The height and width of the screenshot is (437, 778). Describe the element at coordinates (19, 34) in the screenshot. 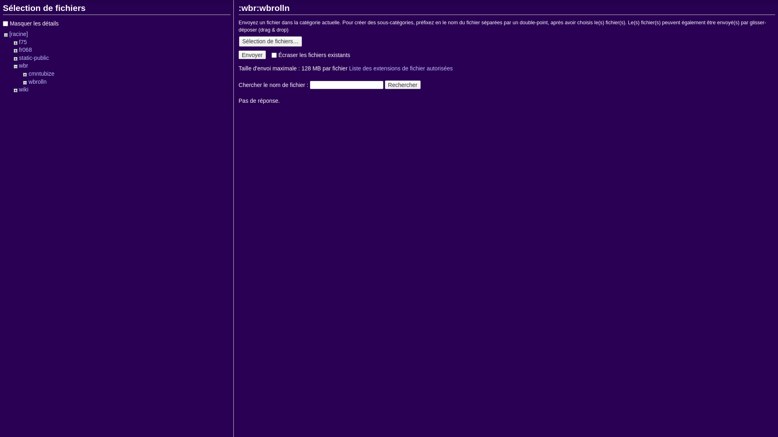

I see `'[racine]'` at that location.